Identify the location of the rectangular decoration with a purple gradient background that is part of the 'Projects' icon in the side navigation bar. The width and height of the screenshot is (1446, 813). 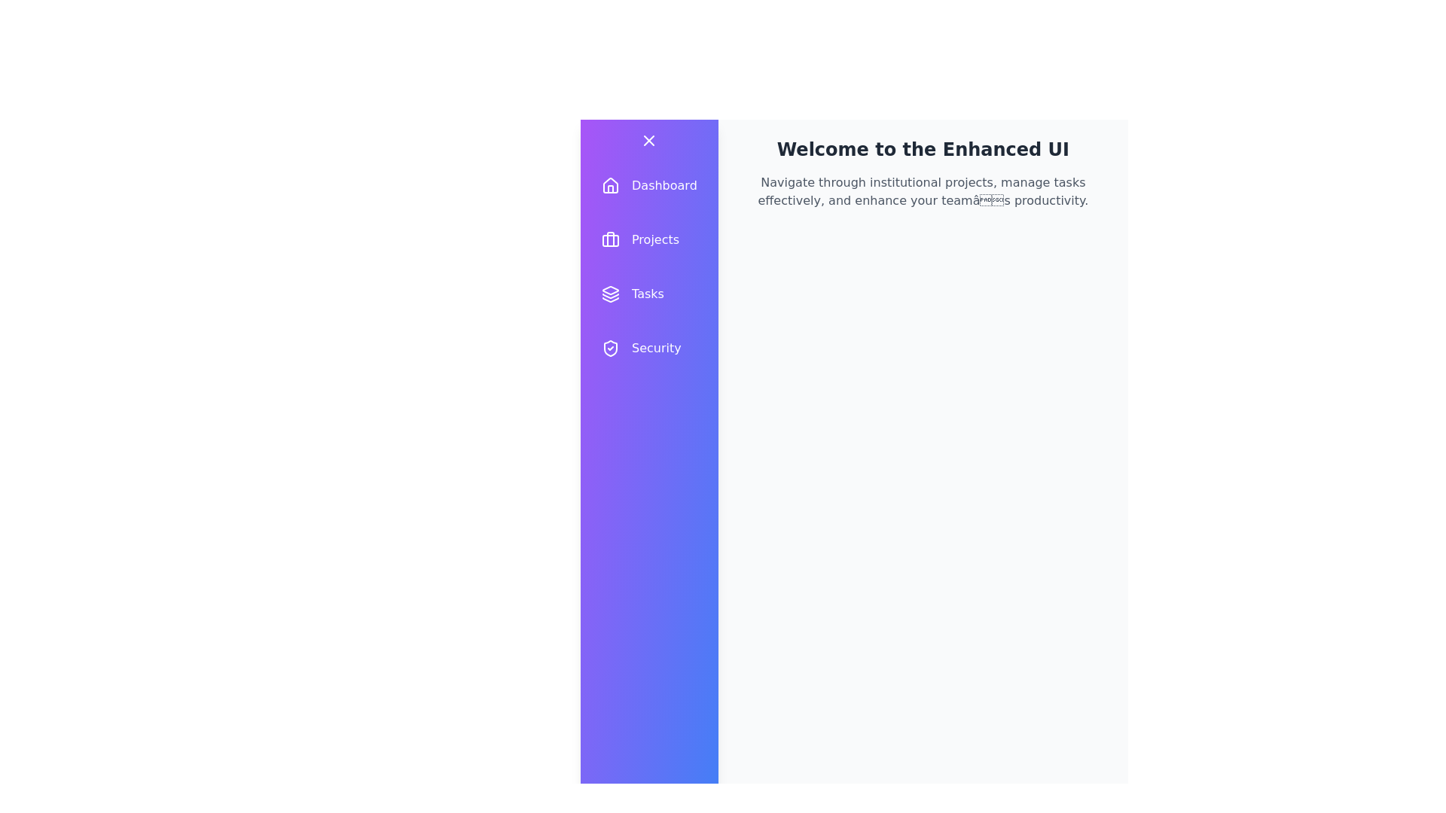
(611, 240).